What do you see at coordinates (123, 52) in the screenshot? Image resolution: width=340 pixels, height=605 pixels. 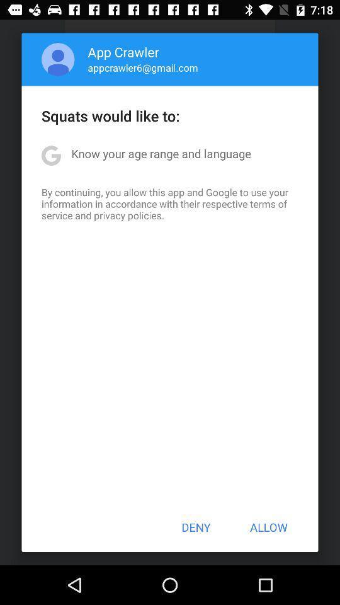 I see `the app crawler` at bounding box center [123, 52].